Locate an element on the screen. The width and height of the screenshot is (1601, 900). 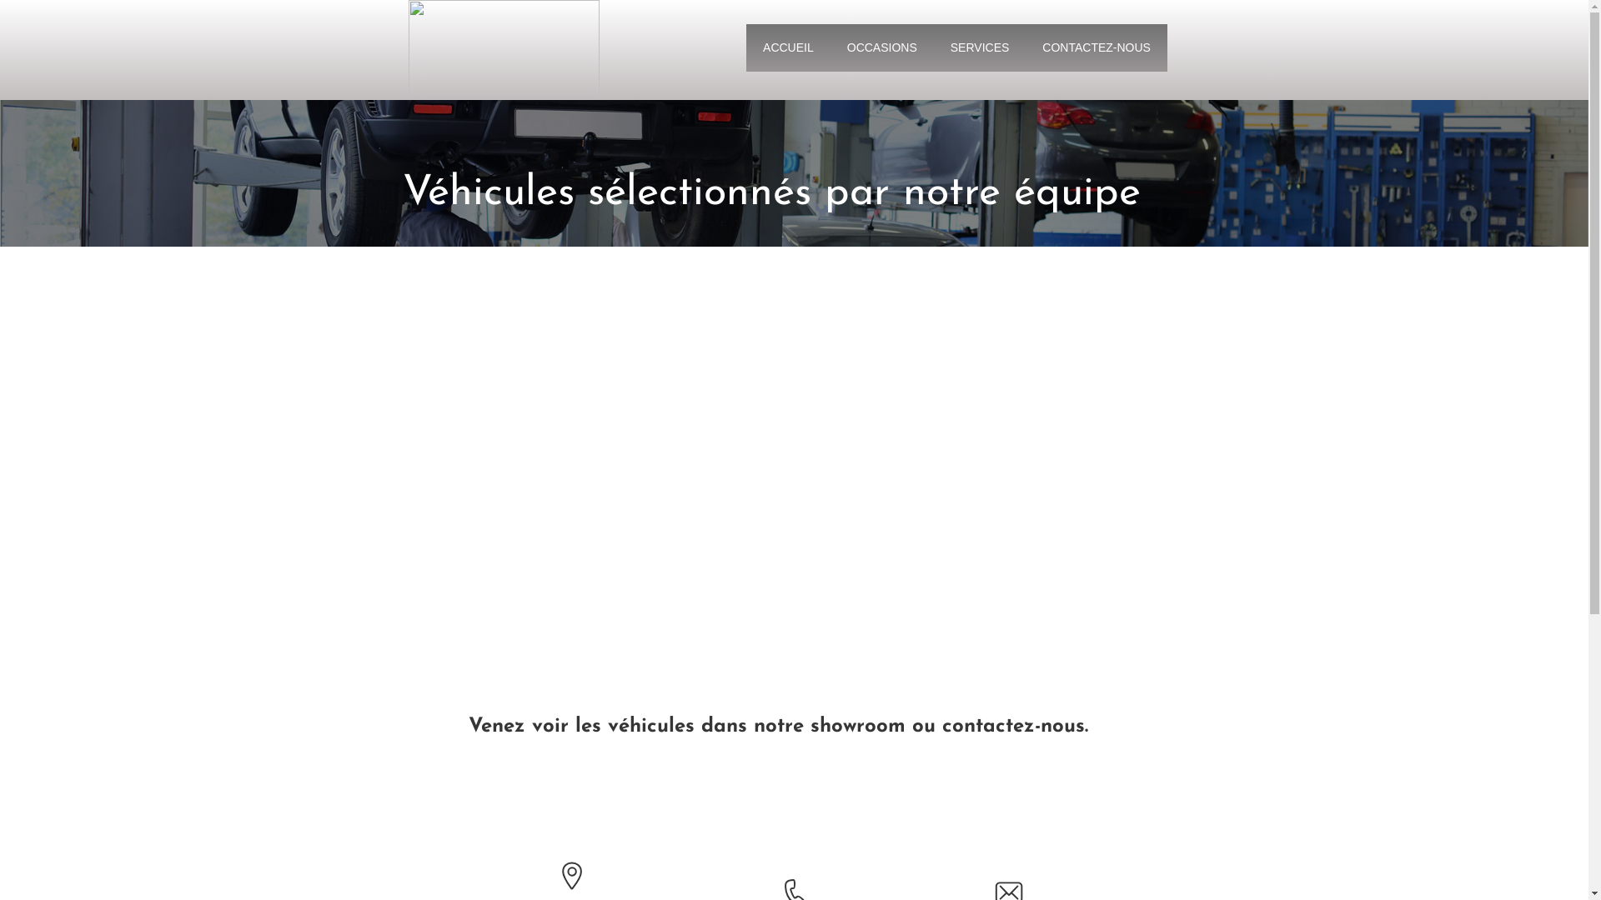
'CONTACTEZ-NOUS' is located at coordinates (1097, 46).